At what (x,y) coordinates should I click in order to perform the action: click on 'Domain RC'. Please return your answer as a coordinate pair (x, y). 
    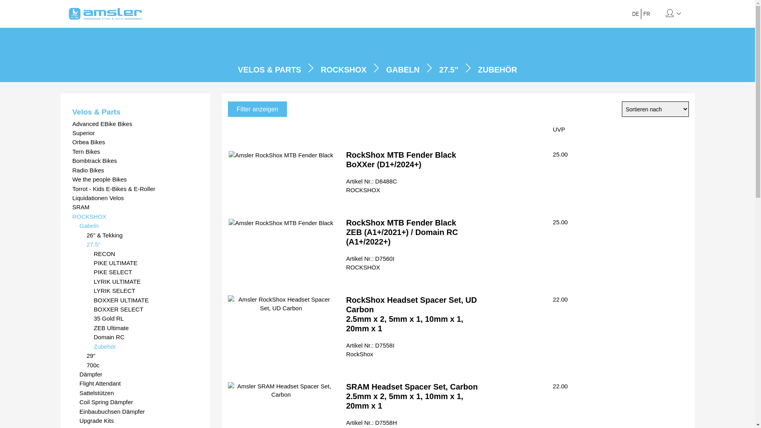
    Looking at the image, I should click on (146, 337).